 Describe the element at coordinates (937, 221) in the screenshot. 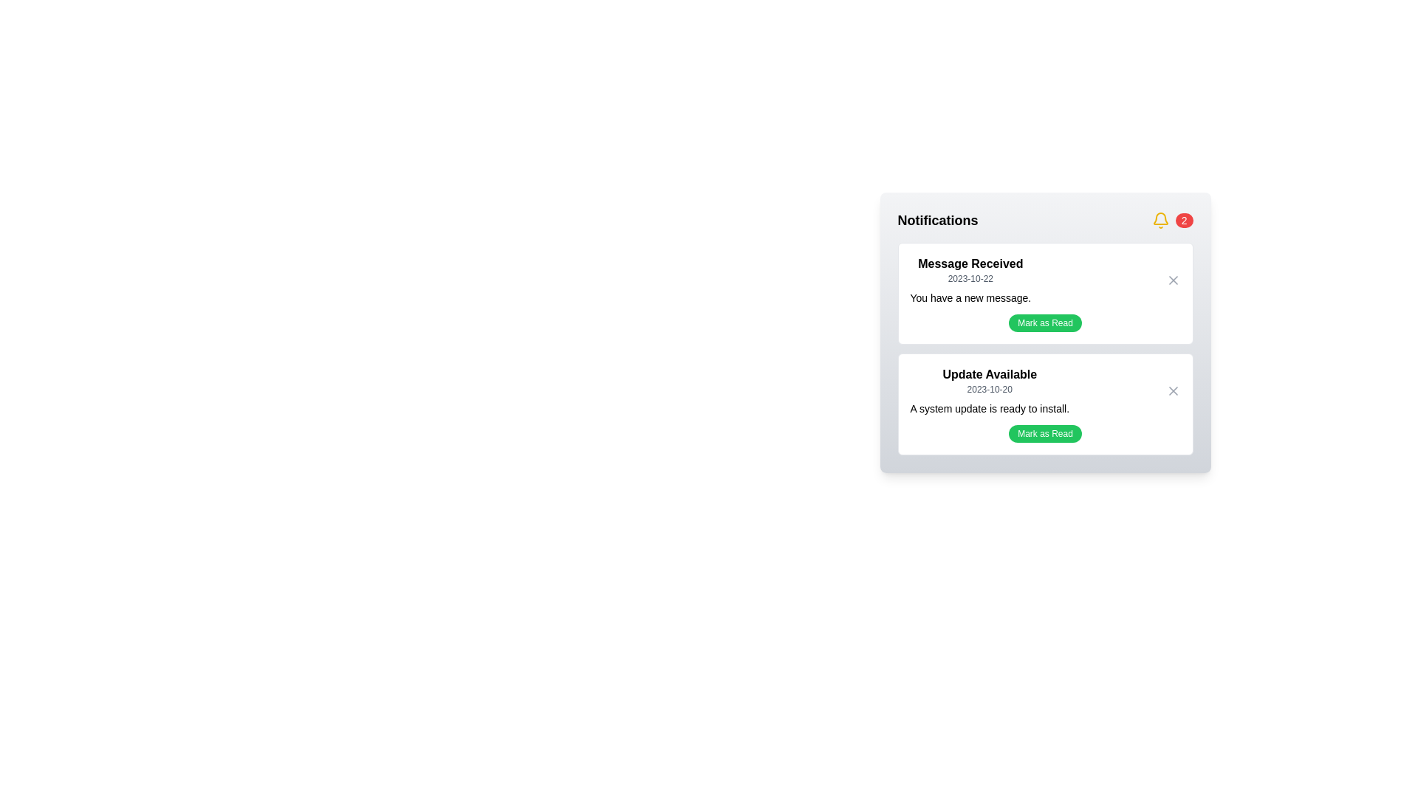

I see `Text label that serves as the title or header for the notification section, indicating the current context to users` at that location.